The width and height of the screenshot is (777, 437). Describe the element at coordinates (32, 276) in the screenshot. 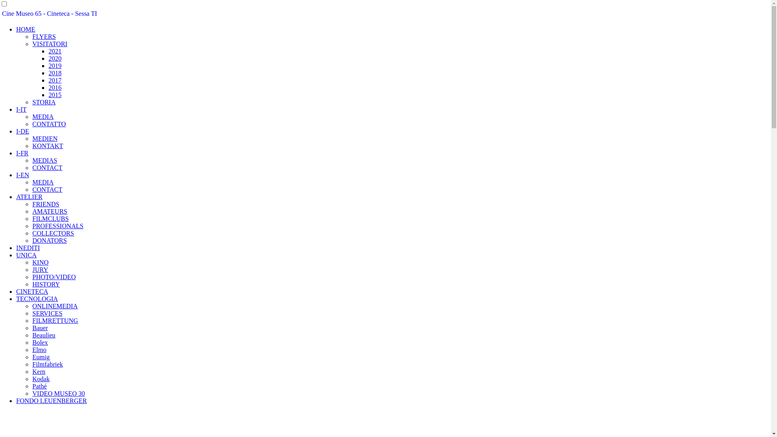

I see `'PHOTO/VIDEO'` at that location.